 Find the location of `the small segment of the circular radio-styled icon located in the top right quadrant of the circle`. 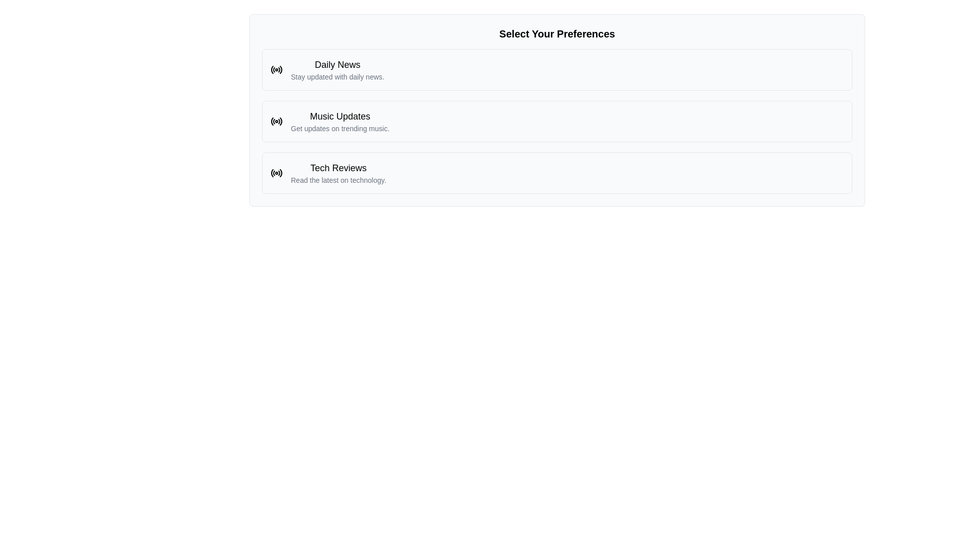

the small segment of the circular radio-styled icon located in the top right quadrant of the circle is located at coordinates (279, 69).